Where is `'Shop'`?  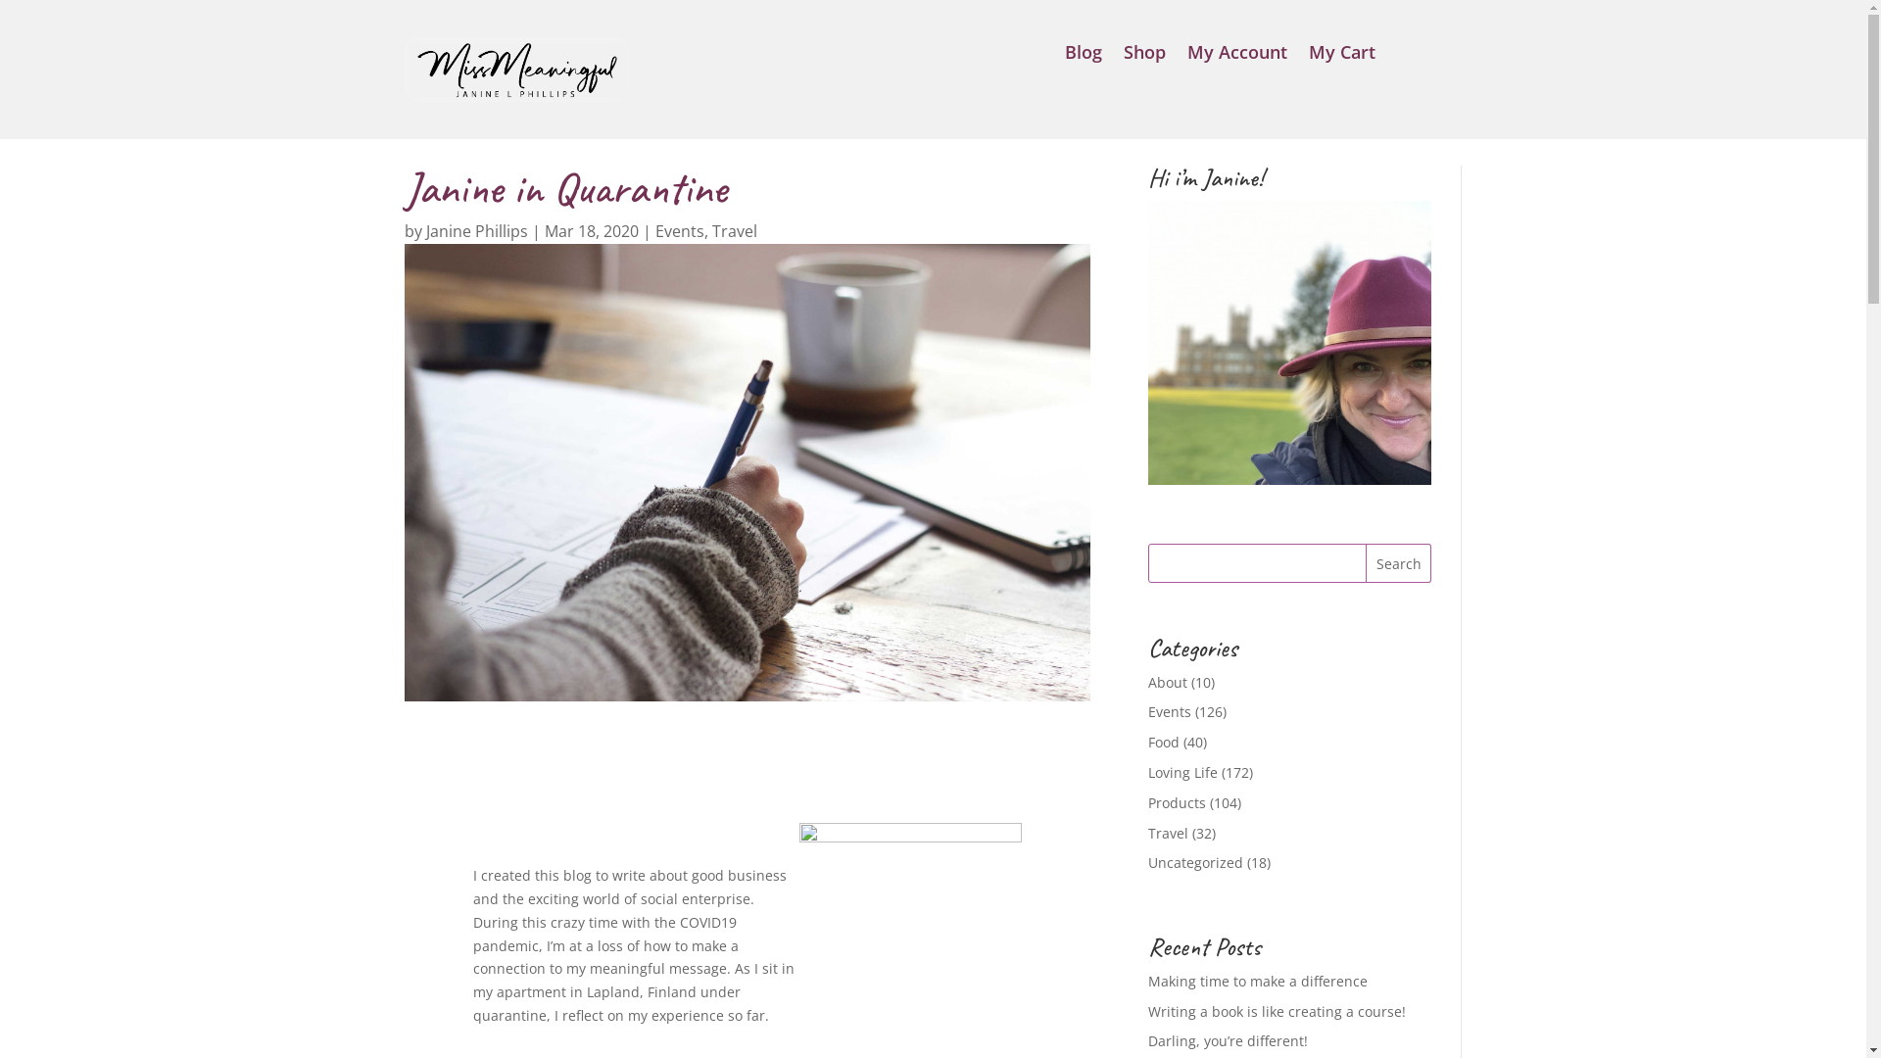
'Shop' is located at coordinates (1144, 55).